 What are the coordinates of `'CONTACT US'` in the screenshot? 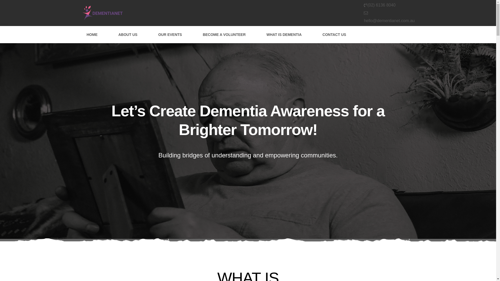 It's located at (317, 34).